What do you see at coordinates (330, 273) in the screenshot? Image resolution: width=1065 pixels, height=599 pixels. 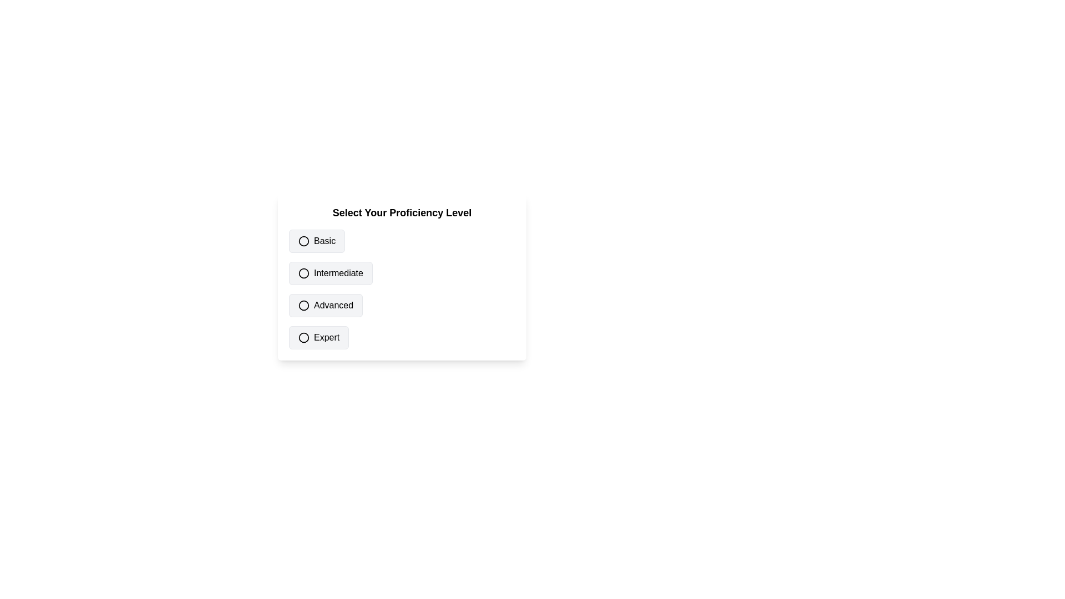 I see `the 'Intermediate' proficiency level radio button, the second option in the vertical list of proficiency levels, allowing for keyboard navigation` at bounding box center [330, 273].